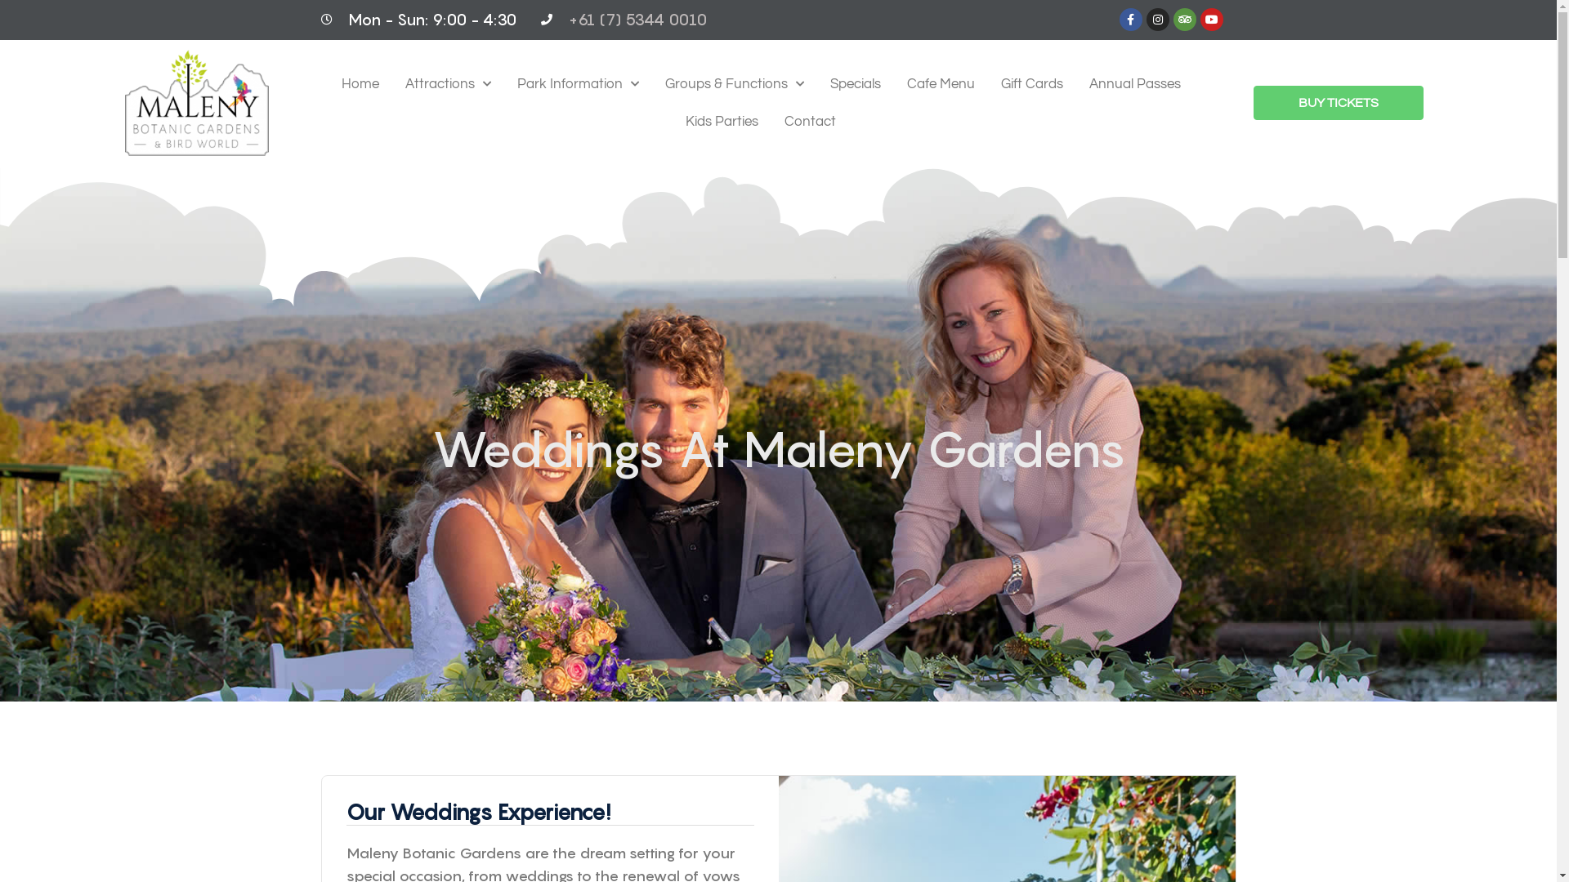 The width and height of the screenshot is (1569, 882). What do you see at coordinates (854, 84) in the screenshot?
I see `'Specials'` at bounding box center [854, 84].